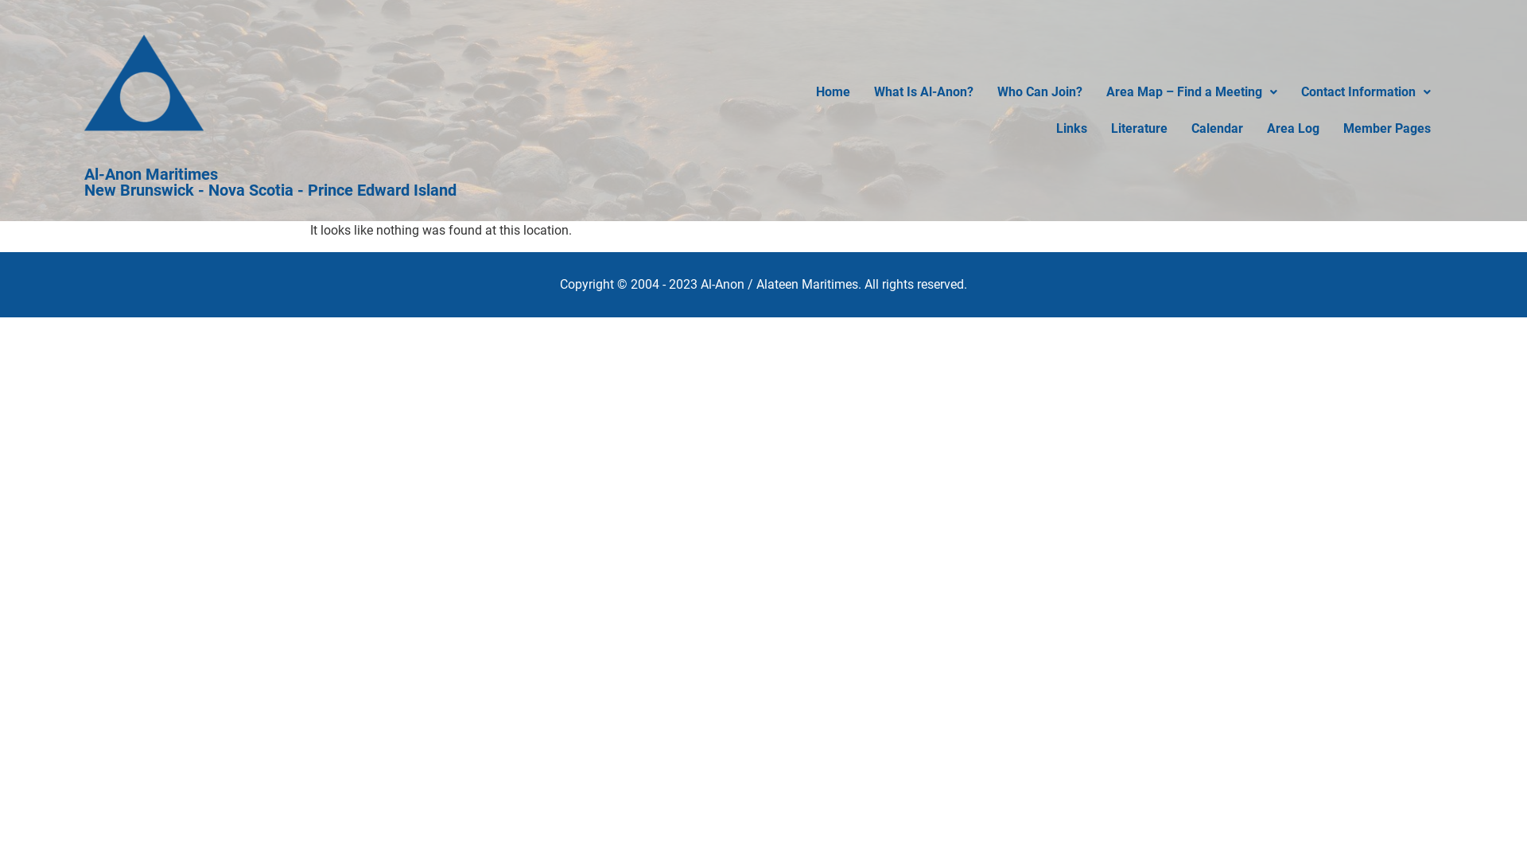 This screenshot has width=1527, height=859. What do you see at coordinates (804, 91) in the screenshot?
I see `'Home'` at bounding box center [804, 91].